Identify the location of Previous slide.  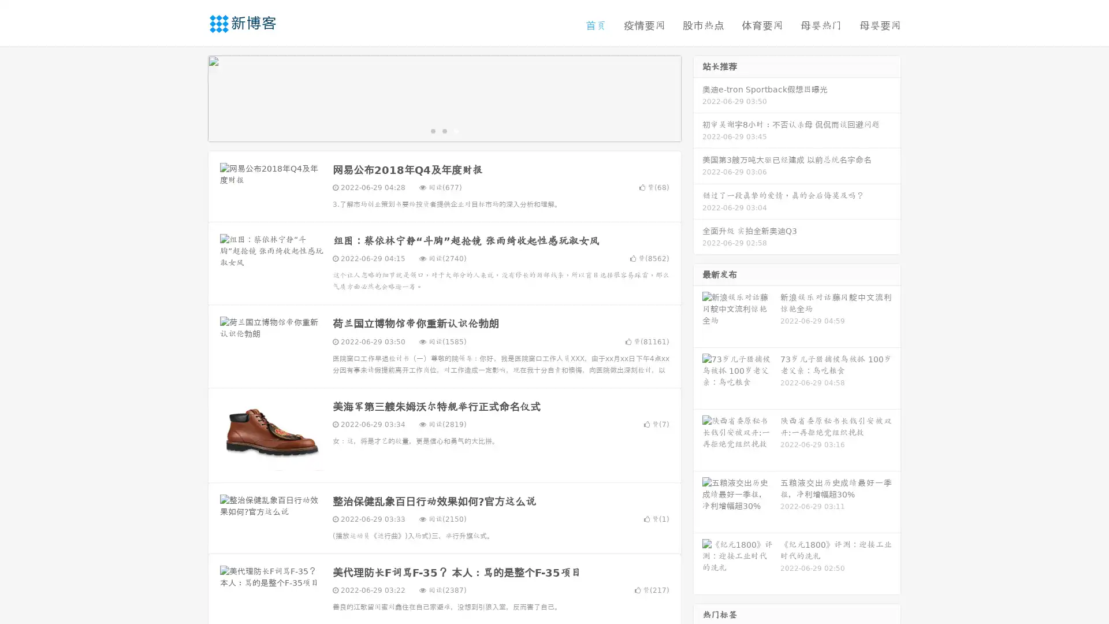
(191, 97).